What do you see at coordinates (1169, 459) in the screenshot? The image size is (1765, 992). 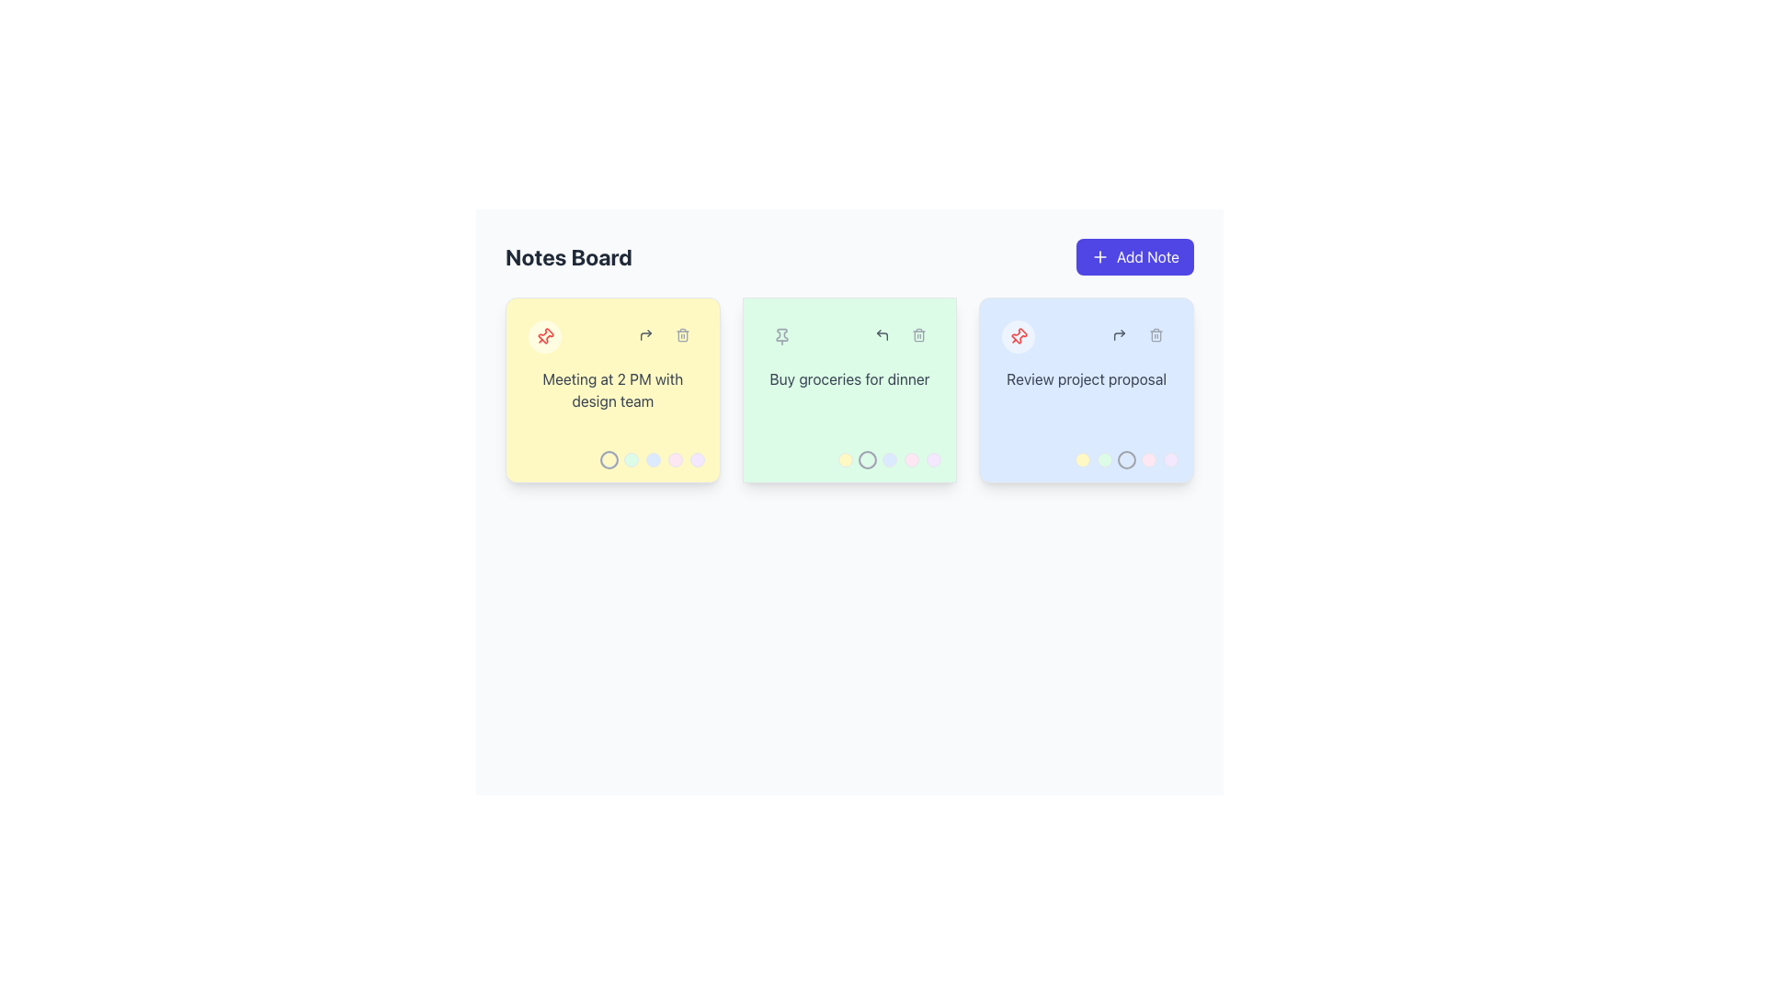 I see `the small circular button with a purple background and a gray border located at the bottom-right corner of the light blue card` at bounding box center [1169, 459].